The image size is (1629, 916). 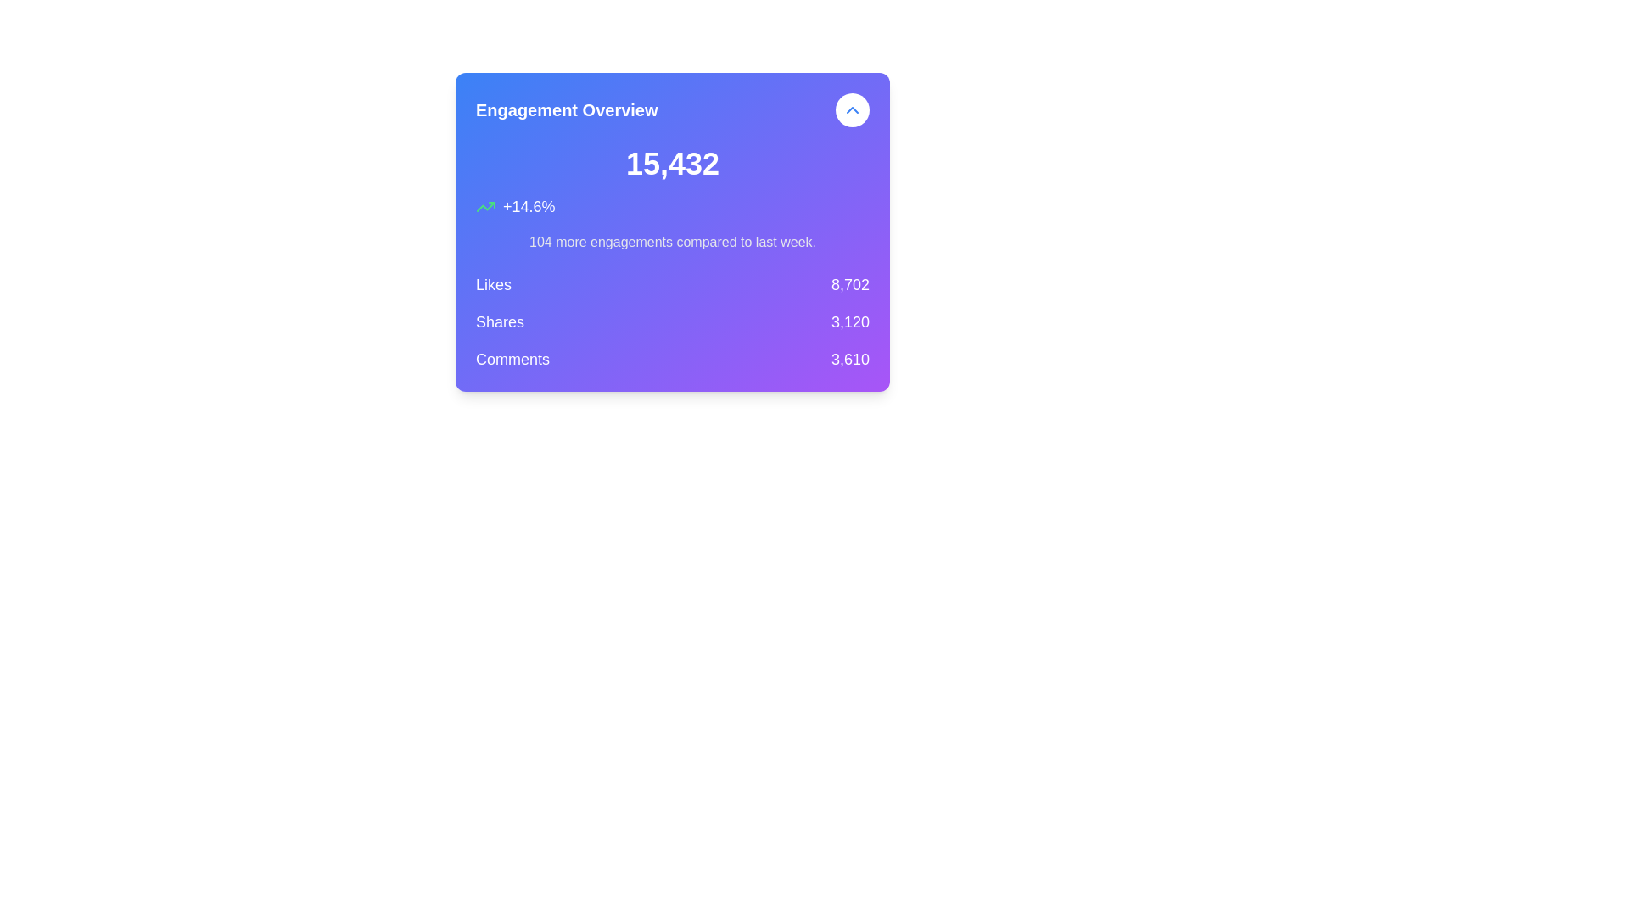 What do you see at coordinates (512, 359) in the screenshot?
I see `the Text Label indicating the count of comments ('3,610') in the 'Engagement Overview' section` at bounding box center [512, 359].